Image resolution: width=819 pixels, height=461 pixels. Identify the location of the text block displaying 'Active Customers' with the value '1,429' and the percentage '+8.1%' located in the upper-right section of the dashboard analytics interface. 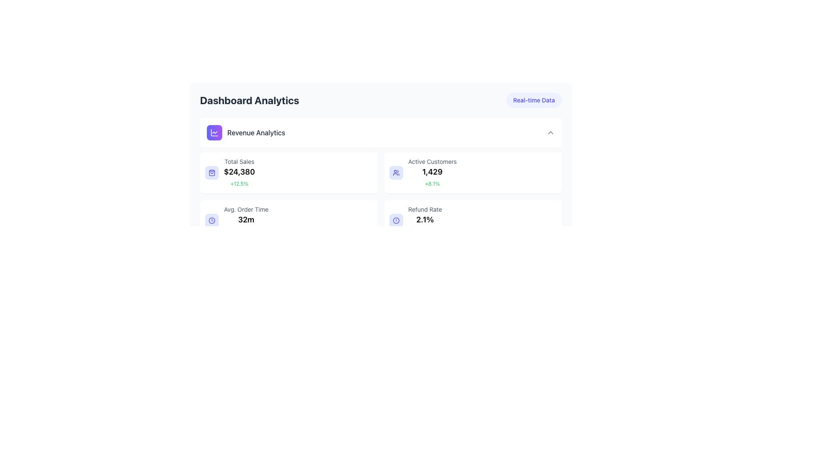
(432, 173).